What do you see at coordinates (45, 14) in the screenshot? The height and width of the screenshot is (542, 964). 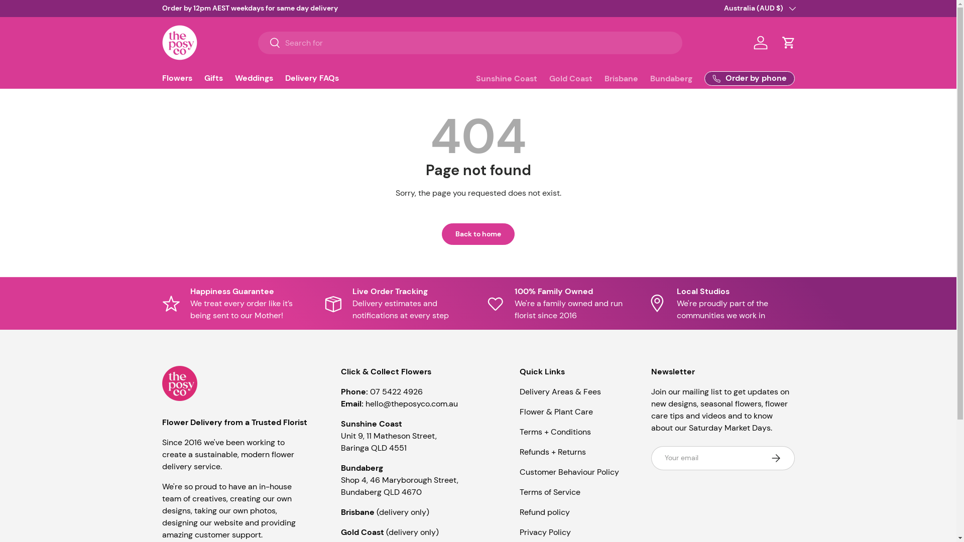 I see `'Skip to content'` at bounding box center [45, 14].